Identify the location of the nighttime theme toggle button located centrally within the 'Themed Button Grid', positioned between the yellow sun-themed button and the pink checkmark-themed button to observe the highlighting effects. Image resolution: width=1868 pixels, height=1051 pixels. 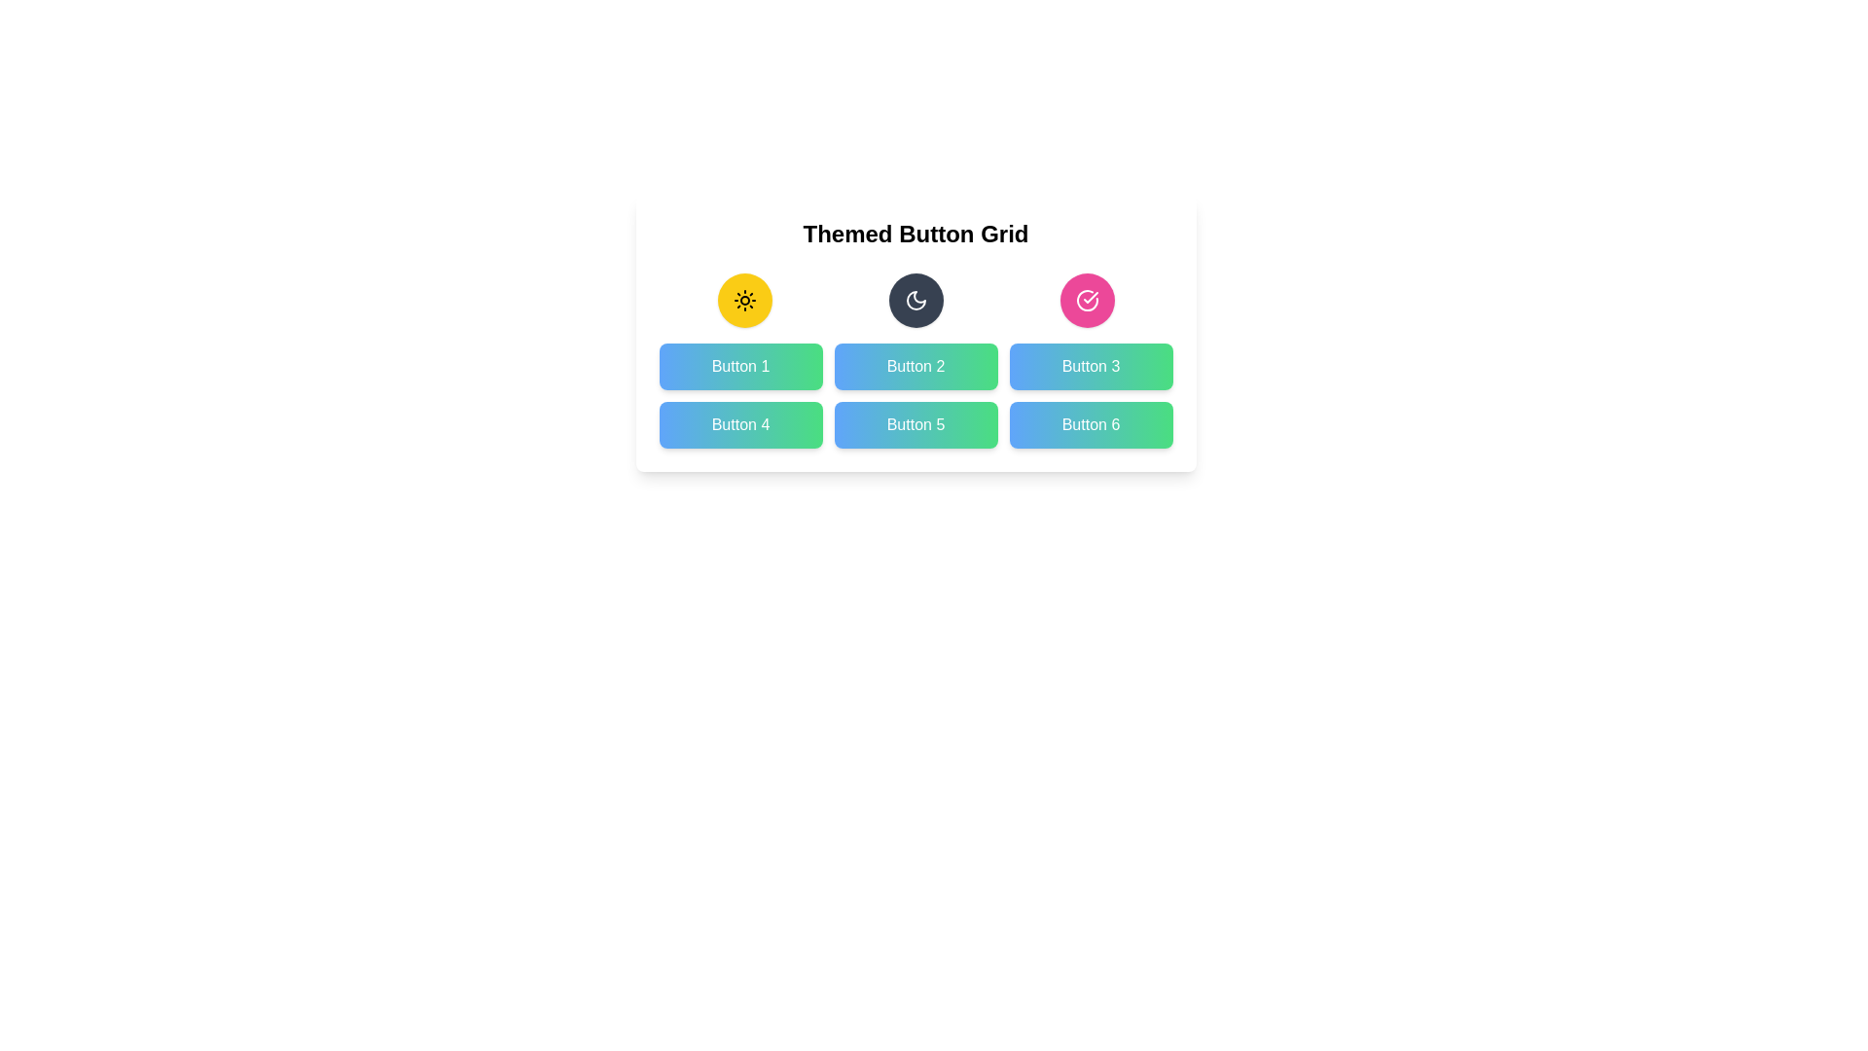
(915, 300).